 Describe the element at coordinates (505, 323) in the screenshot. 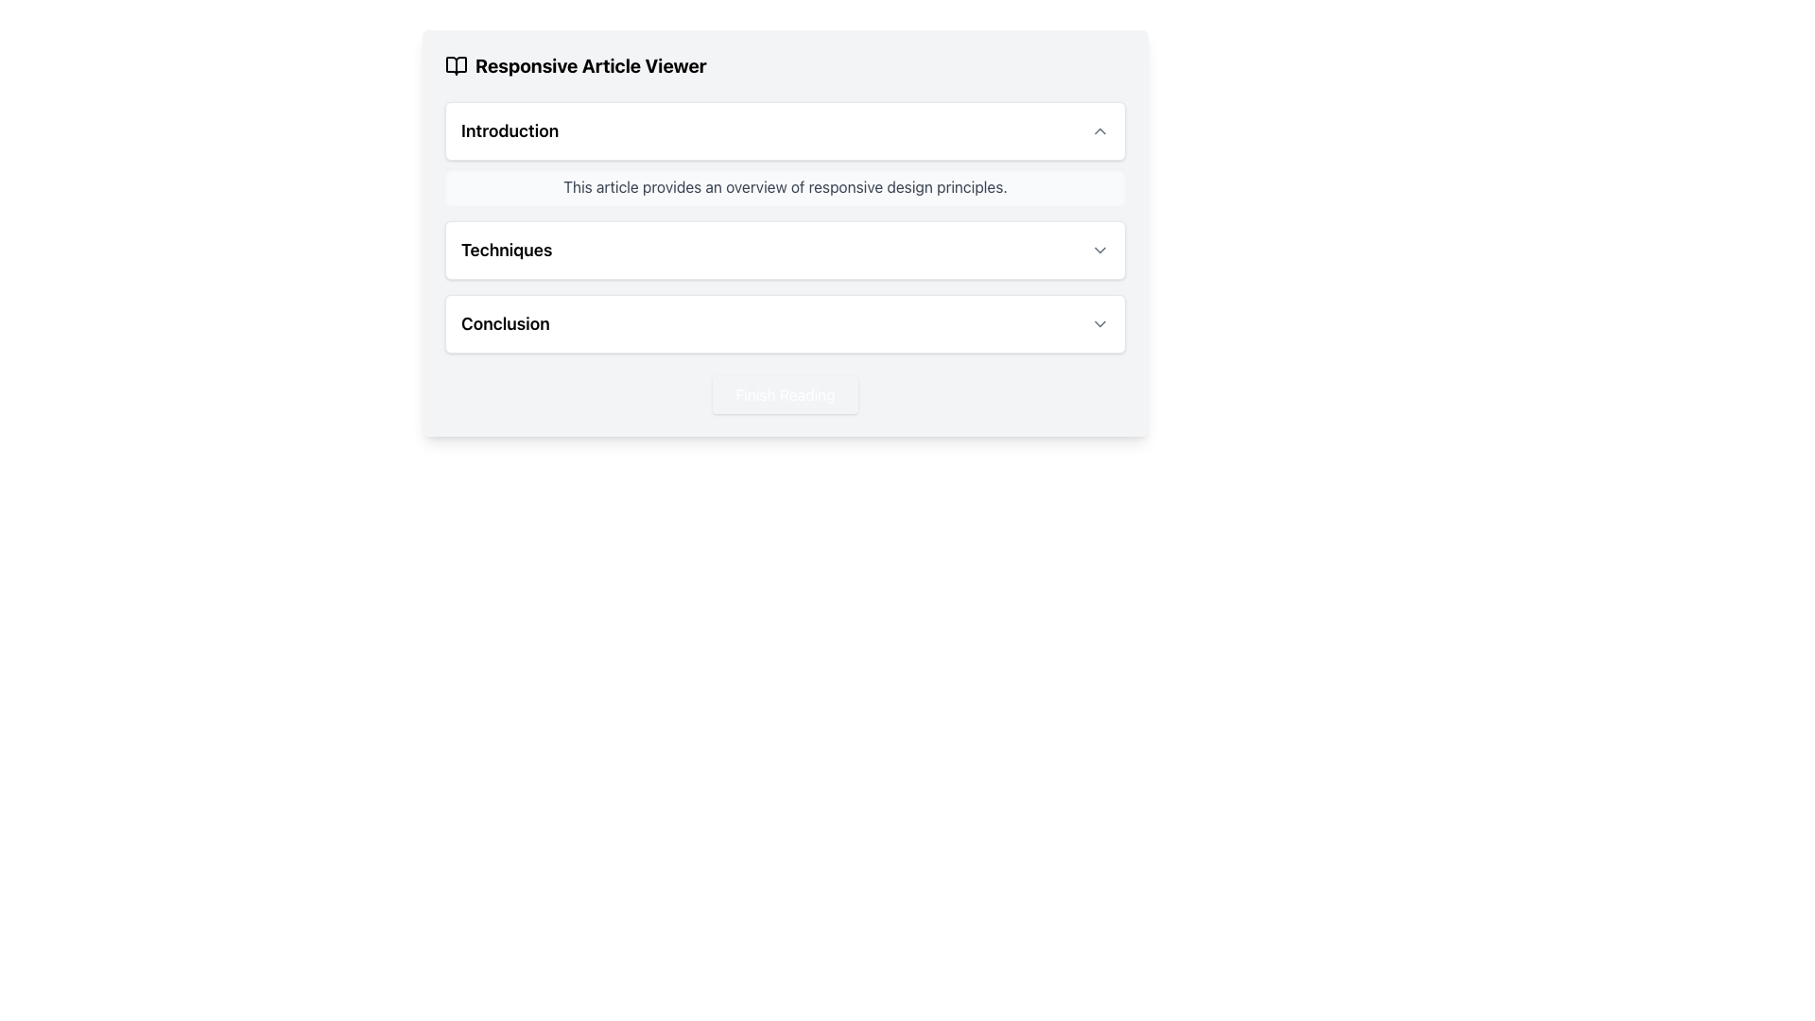

I see `the text label displaying 'Conclusion' in bold and large font, which is positioned within a rounded white card` at that location.